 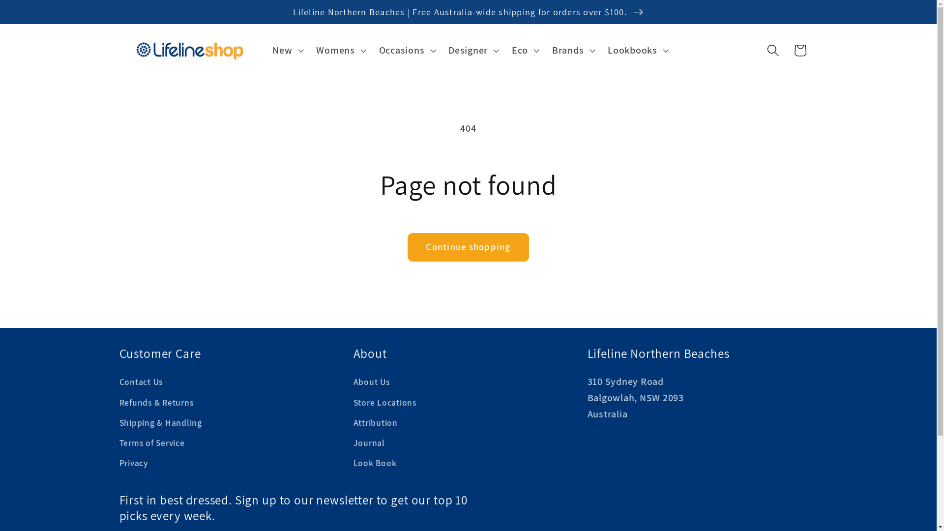 What do you see at coordinates (375, 422) in the screenshot?
I see `'Attribution'` at bounding box center [375, 422].